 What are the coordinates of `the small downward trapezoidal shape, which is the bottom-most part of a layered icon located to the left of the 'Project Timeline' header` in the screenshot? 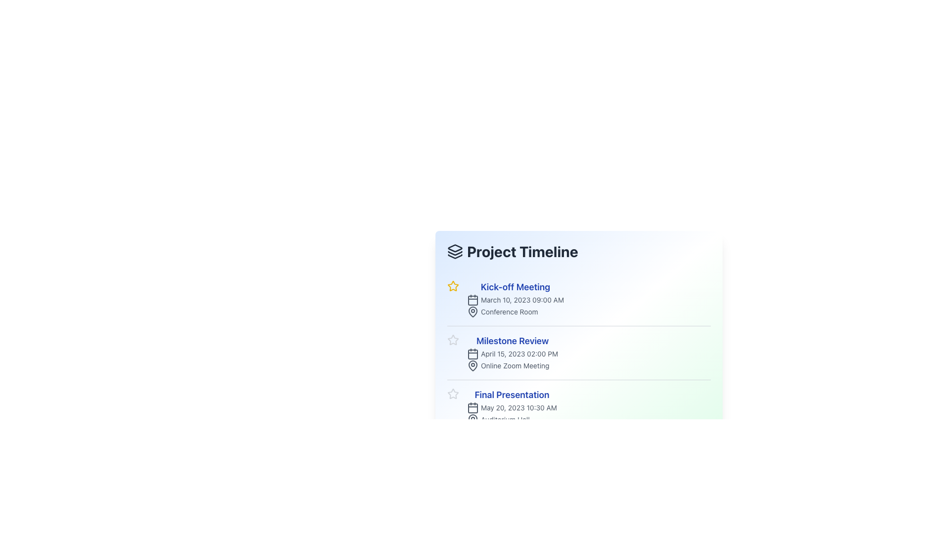 It's located at (455, 256).